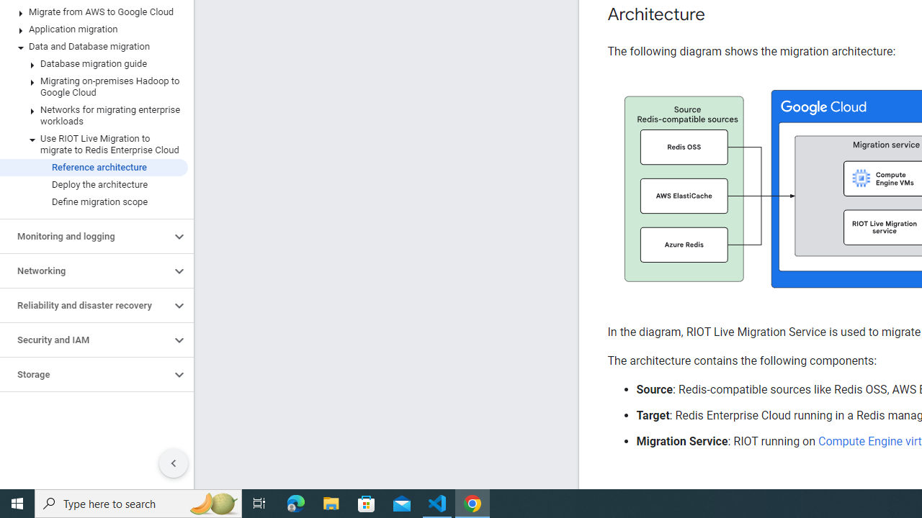  What do you see at coordinates (93, 114) in the screenshot?
I see `'Networks for migrating enterprise workloads'` at bounding box center [93, 114].